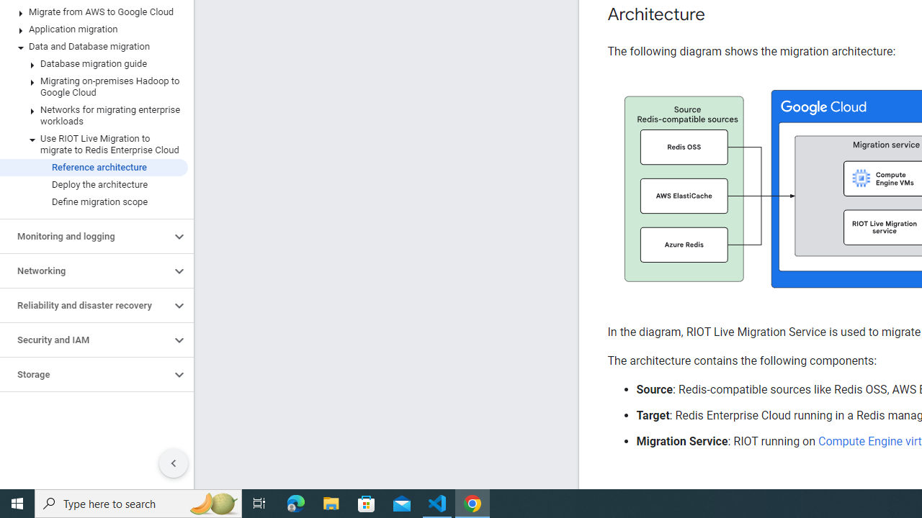  What do you see at coordinates (93, 114) in the screenshot?
I see `'Networks for migrating enterprise workloads'` at bounding box center [93, 114].